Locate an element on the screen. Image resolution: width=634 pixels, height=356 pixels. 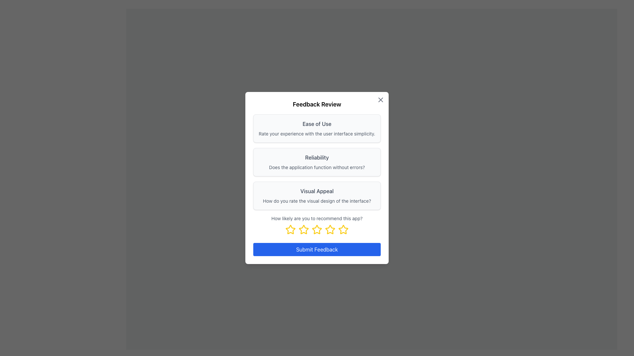
the fifth star in the interactive star rating icon is located at coordinates (343, 229).